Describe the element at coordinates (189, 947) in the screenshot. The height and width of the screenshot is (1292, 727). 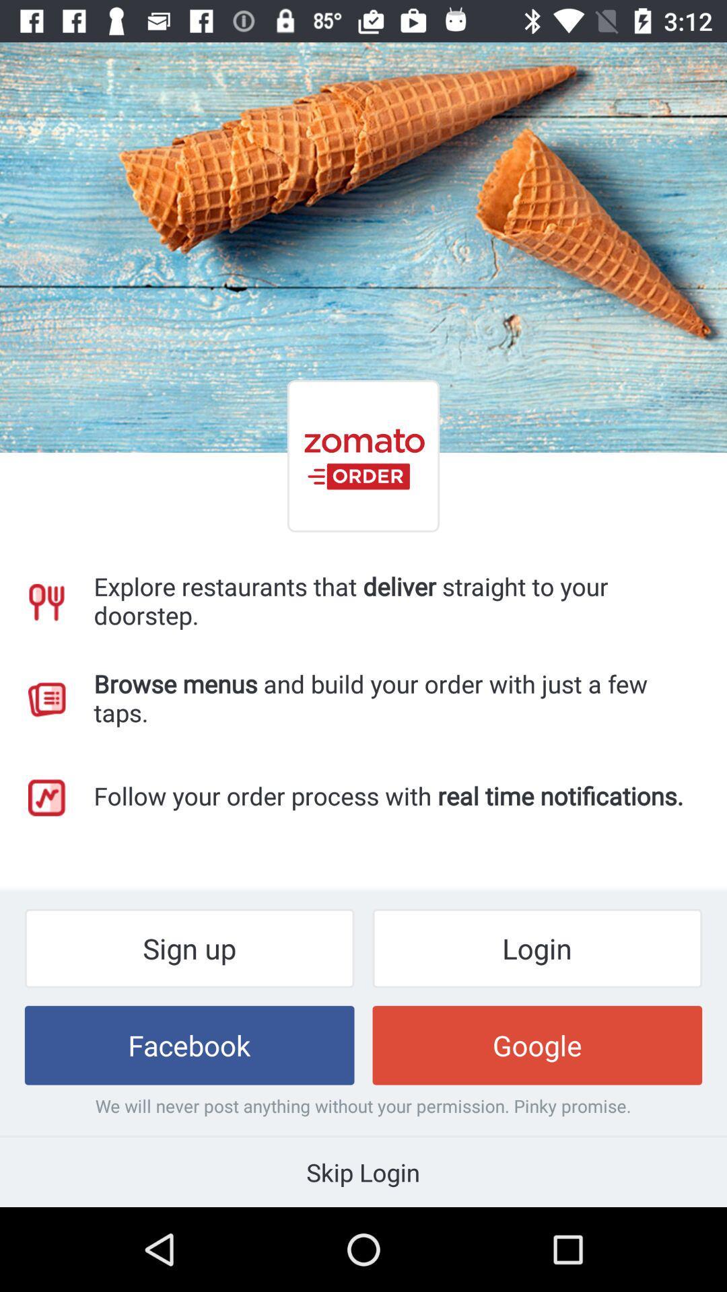
I see `icon above facebook icon` at that location.